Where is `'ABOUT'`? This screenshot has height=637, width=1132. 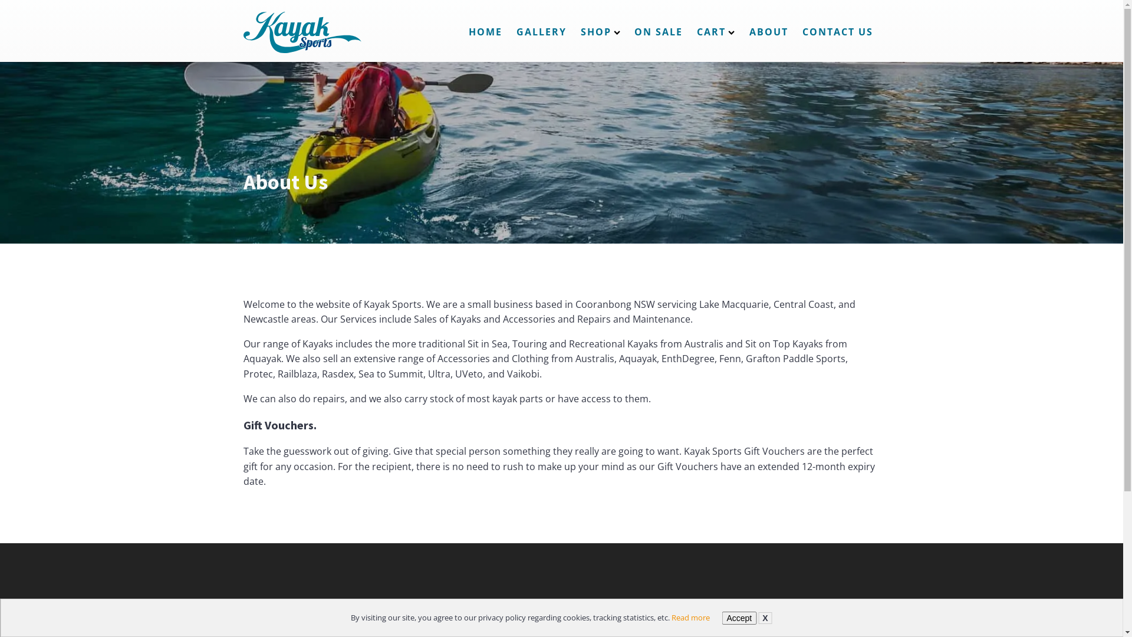 'ABOUT' is located at coordinates (768, 31).